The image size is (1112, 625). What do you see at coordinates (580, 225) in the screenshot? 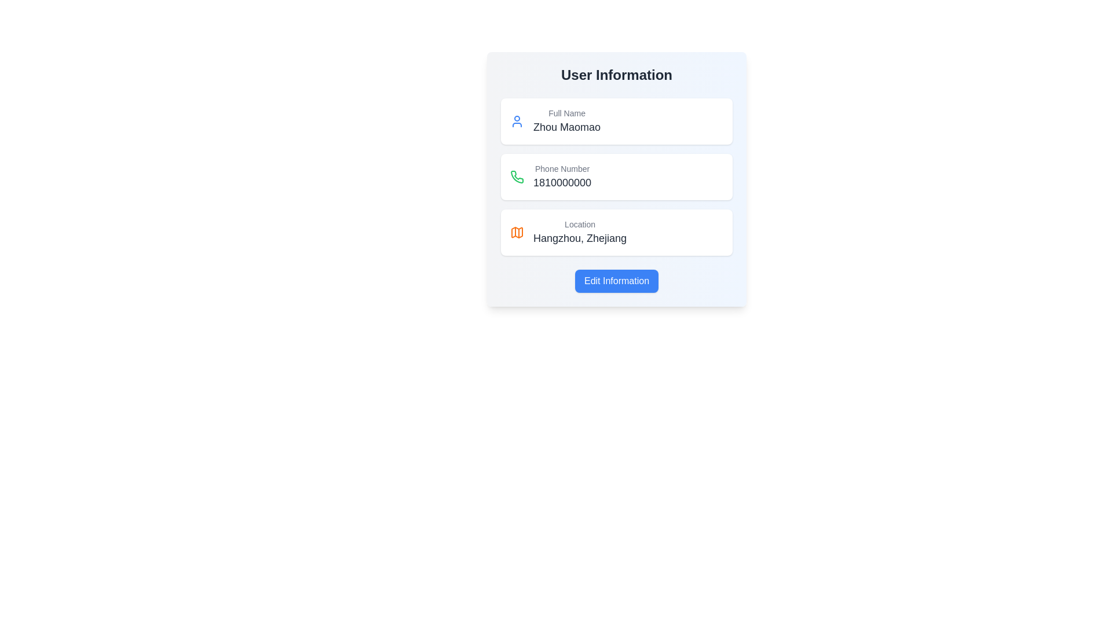
I see `the 'Location' label, which is styled with a small gray font and located above the text 'Hangzhou, Zhejiang' in the user information card` at bounding box center [580, 225].